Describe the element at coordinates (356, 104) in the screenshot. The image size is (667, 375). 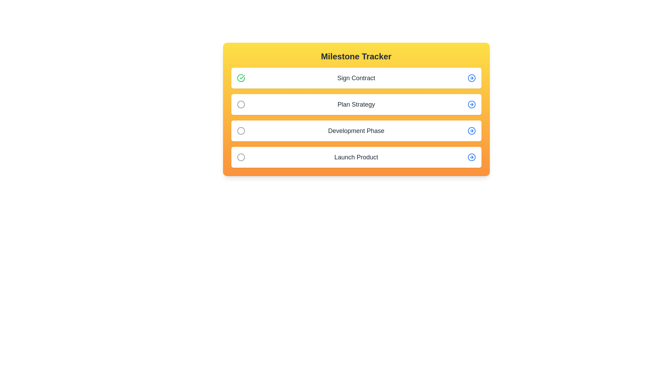
I see `the 'Plan Strategy' card element, which is the second card in the Milestone Tracker section, featuring a gray circular icon on the left and a blue circular arrow icon on the right` at that location.